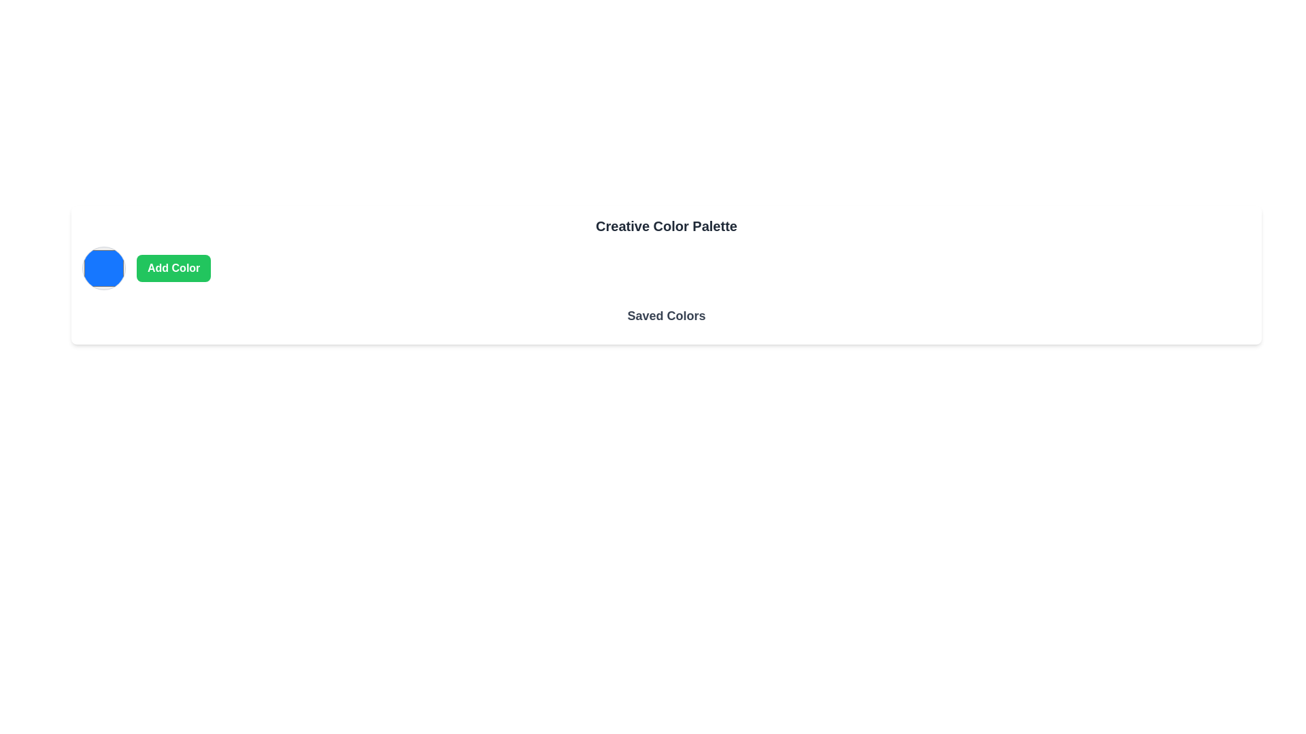  What do you see at coordinates (173, 268) in the screenshot?
I see `the button located to the right of the circular color picker, which triggers an action` at bounding box center [173, 268].